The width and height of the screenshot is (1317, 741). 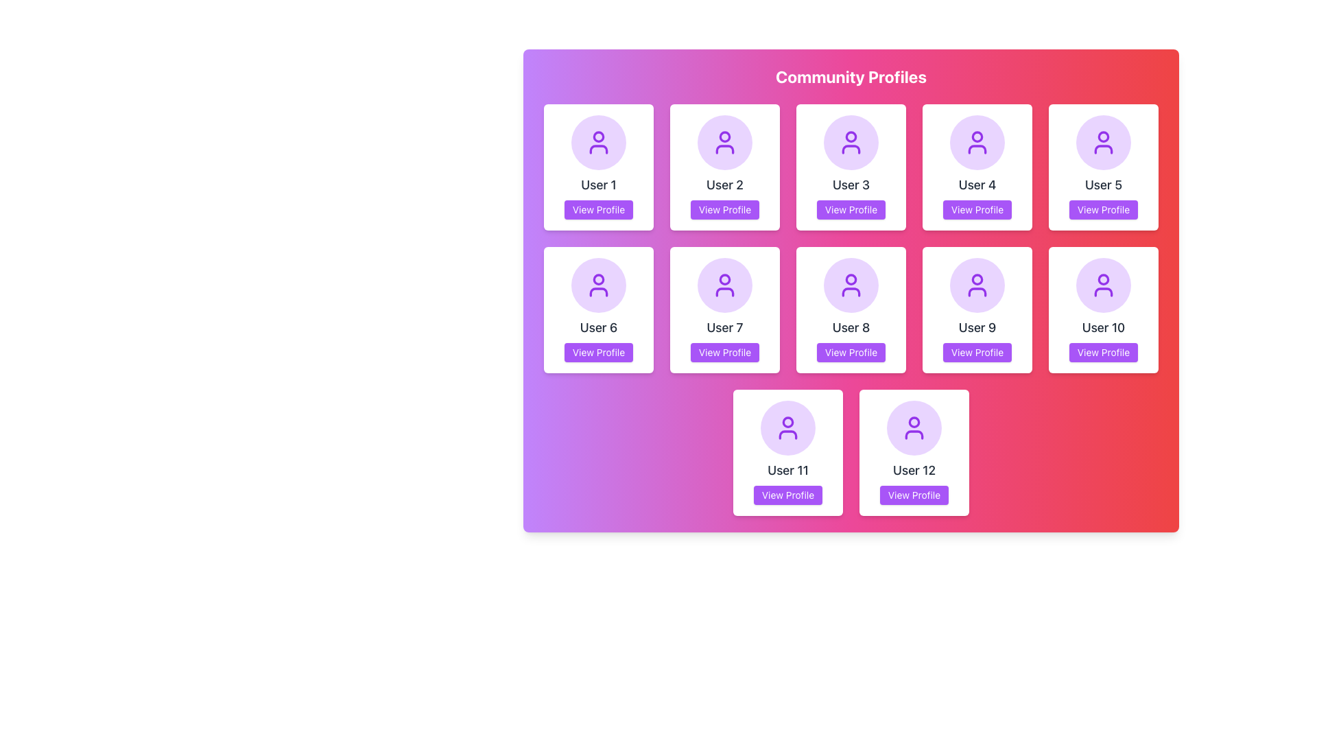 I want to click on the 'View Profile' button located at the bottom of the 'User 7' profile card in the second column and third row of the profile grid, so click(x=724, y=351).